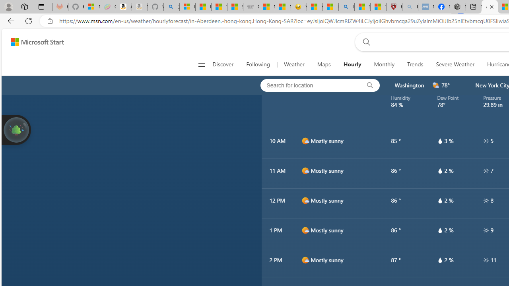 The width and height of the screenshot is (509, 286). I want to click on 'Join us in planting real trees to help our planet!', so click(16, 129).